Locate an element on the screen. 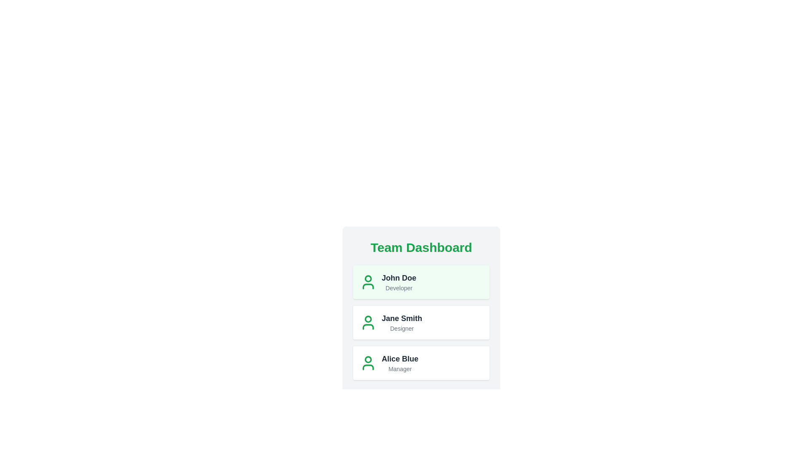 This screenshot has width=809, height=455. the bold and large green text label reading 'Team Dashboard' located at the top of the card layout is located at coordinates (421, 247).